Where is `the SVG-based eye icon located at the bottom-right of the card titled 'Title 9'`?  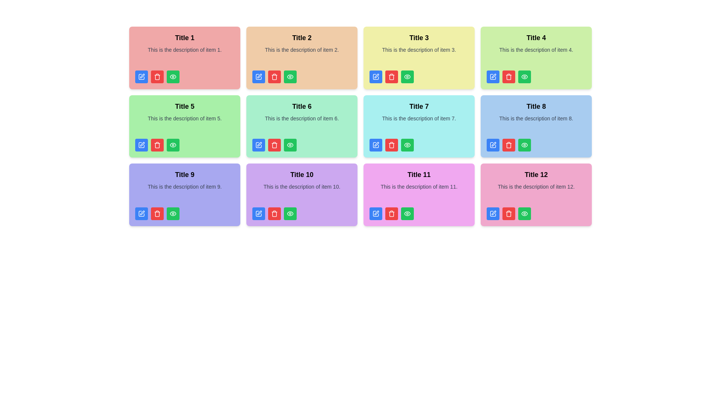
the SVG-based eye icon located at the bottom-right of the card titled 'Title 9' is located at coordinates (172, 213).